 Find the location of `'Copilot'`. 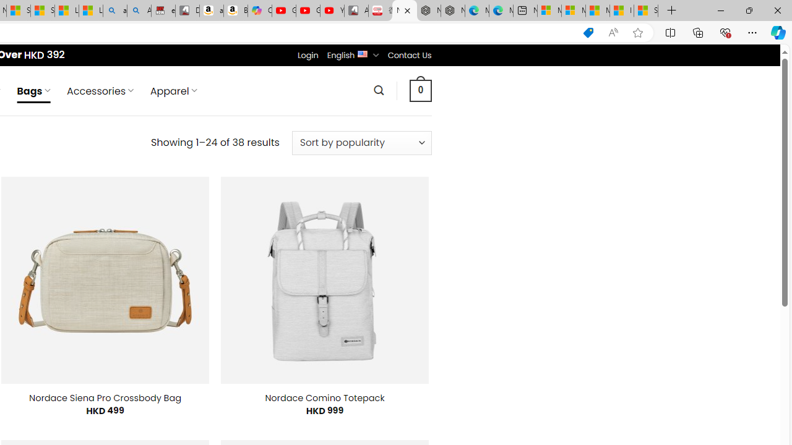

'Copilot' is located at coordinates (259, 11).